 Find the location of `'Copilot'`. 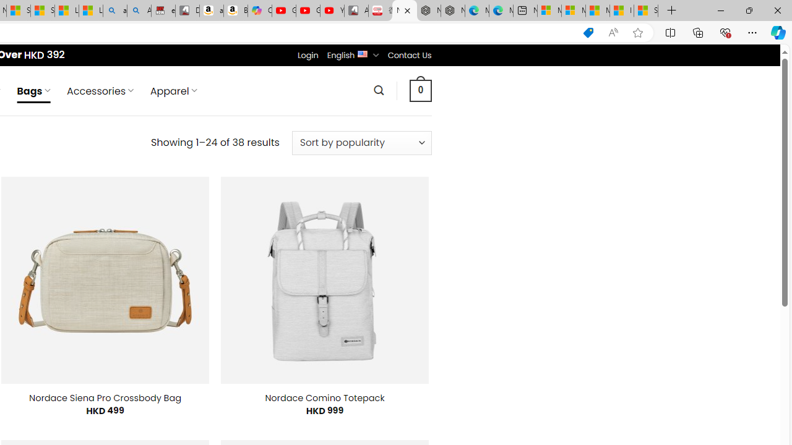

'Copilot' is located at coordinates (259, 11).